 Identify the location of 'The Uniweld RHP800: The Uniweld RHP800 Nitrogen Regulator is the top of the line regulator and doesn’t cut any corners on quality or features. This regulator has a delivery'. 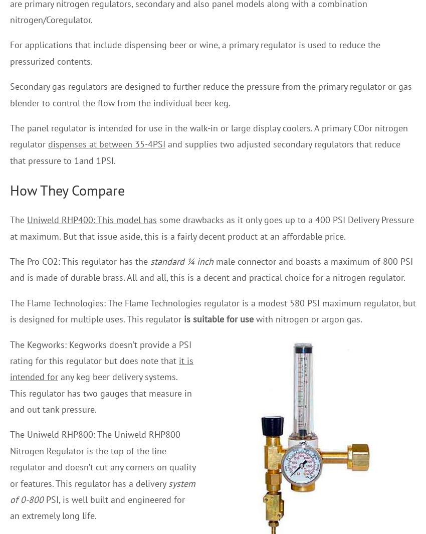
(102, 459).